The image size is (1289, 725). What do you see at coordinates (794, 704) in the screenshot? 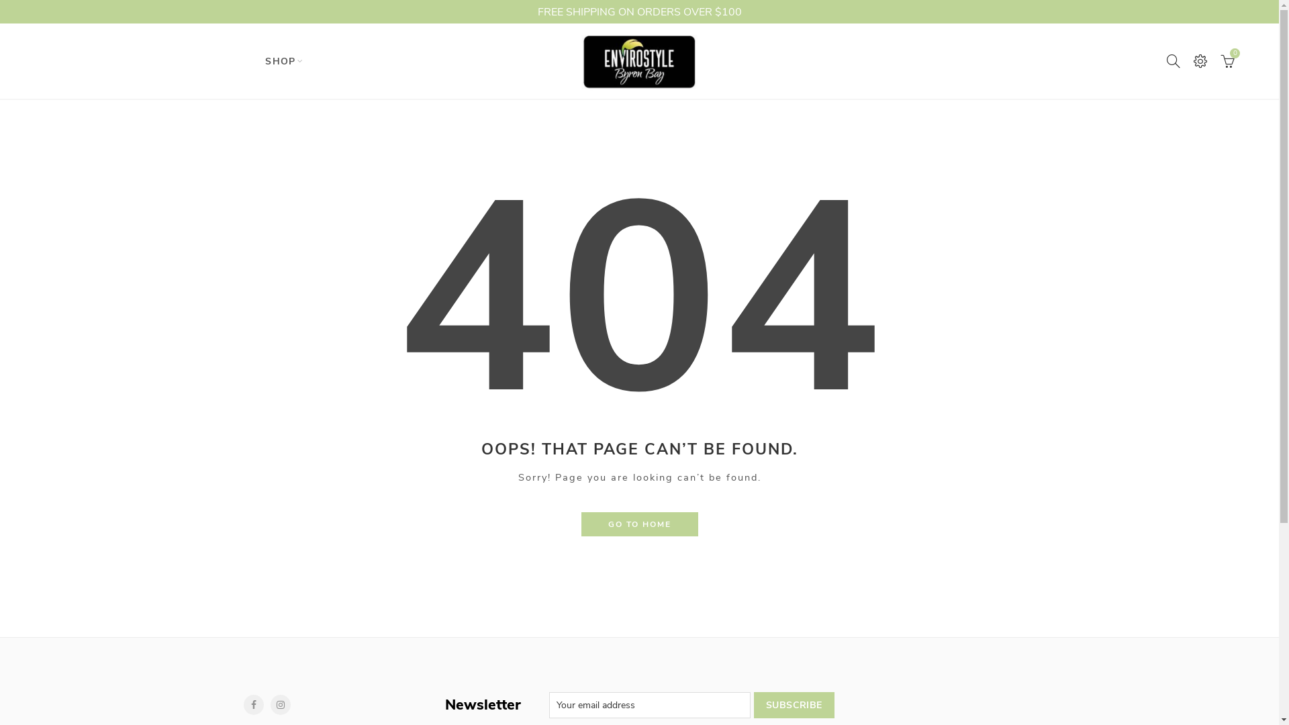
I see `'SUBSCRIBE'` at bounding box center [794, 704].